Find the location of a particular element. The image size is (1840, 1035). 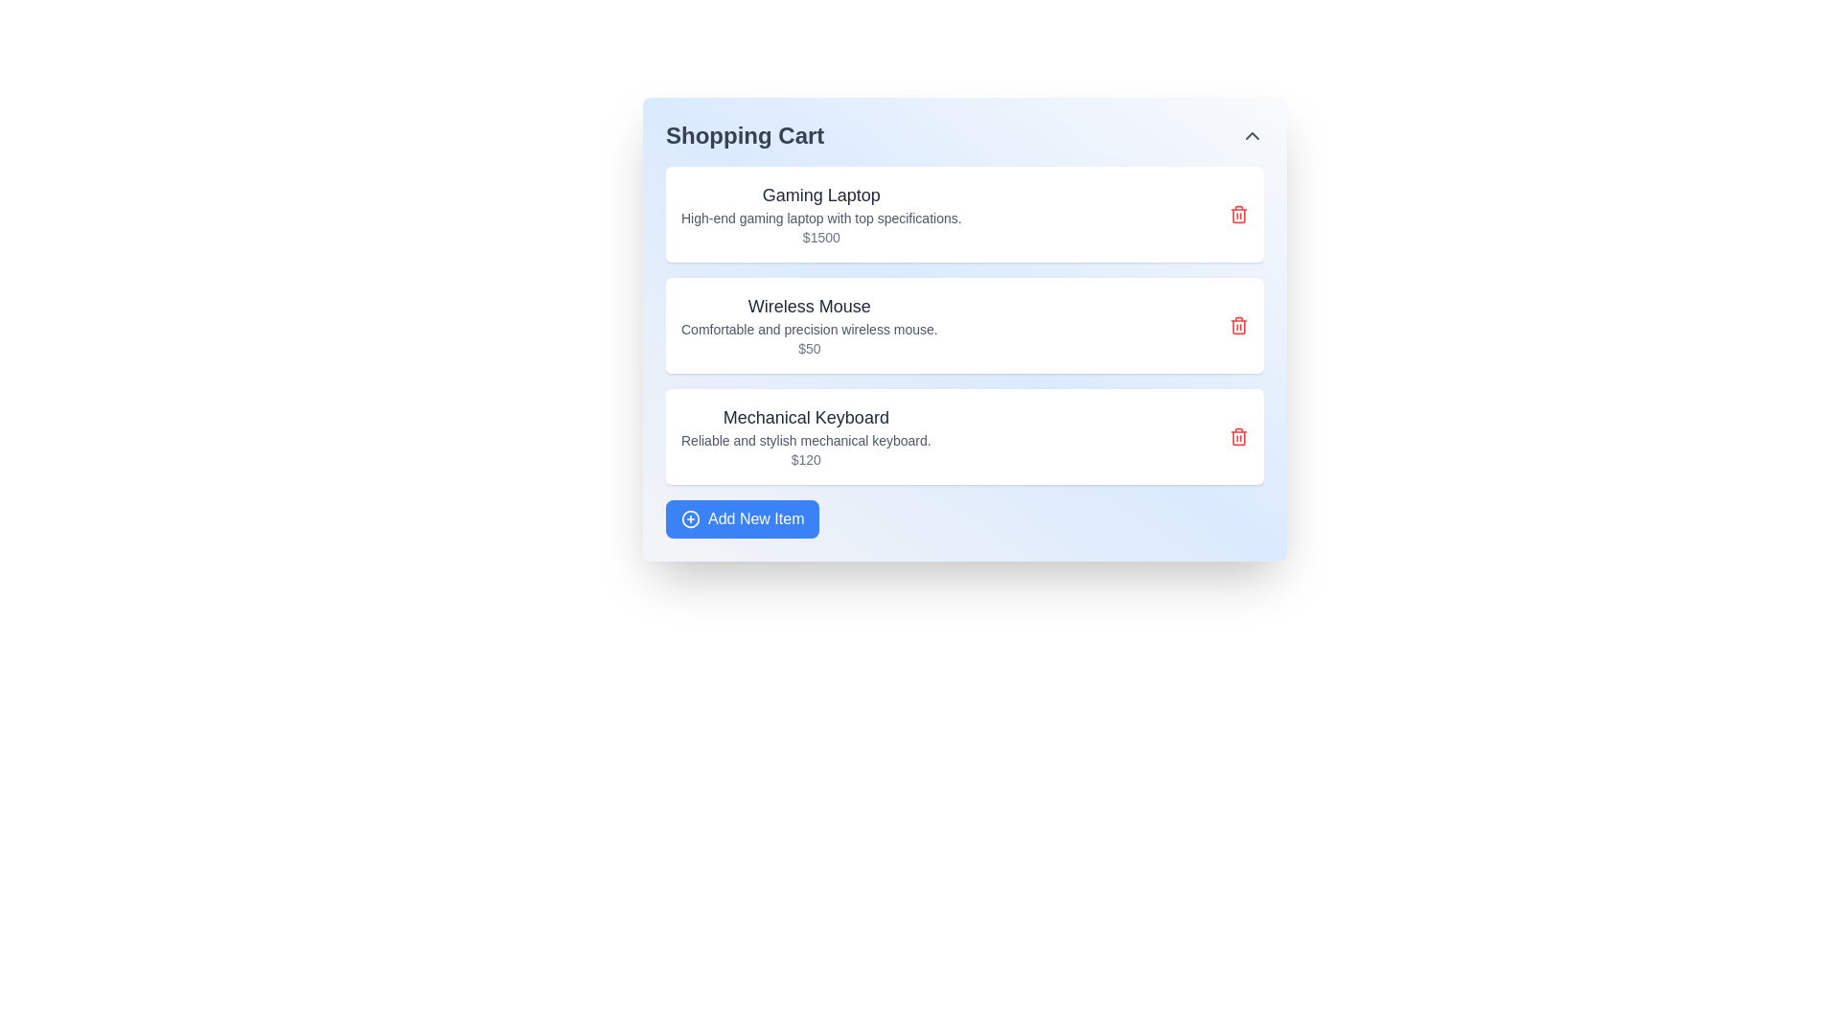

the text block displaying 'Gaming Laptop' in the shopping cart interface, which contains the product name, description, and price is located at coordinates (821, 214).